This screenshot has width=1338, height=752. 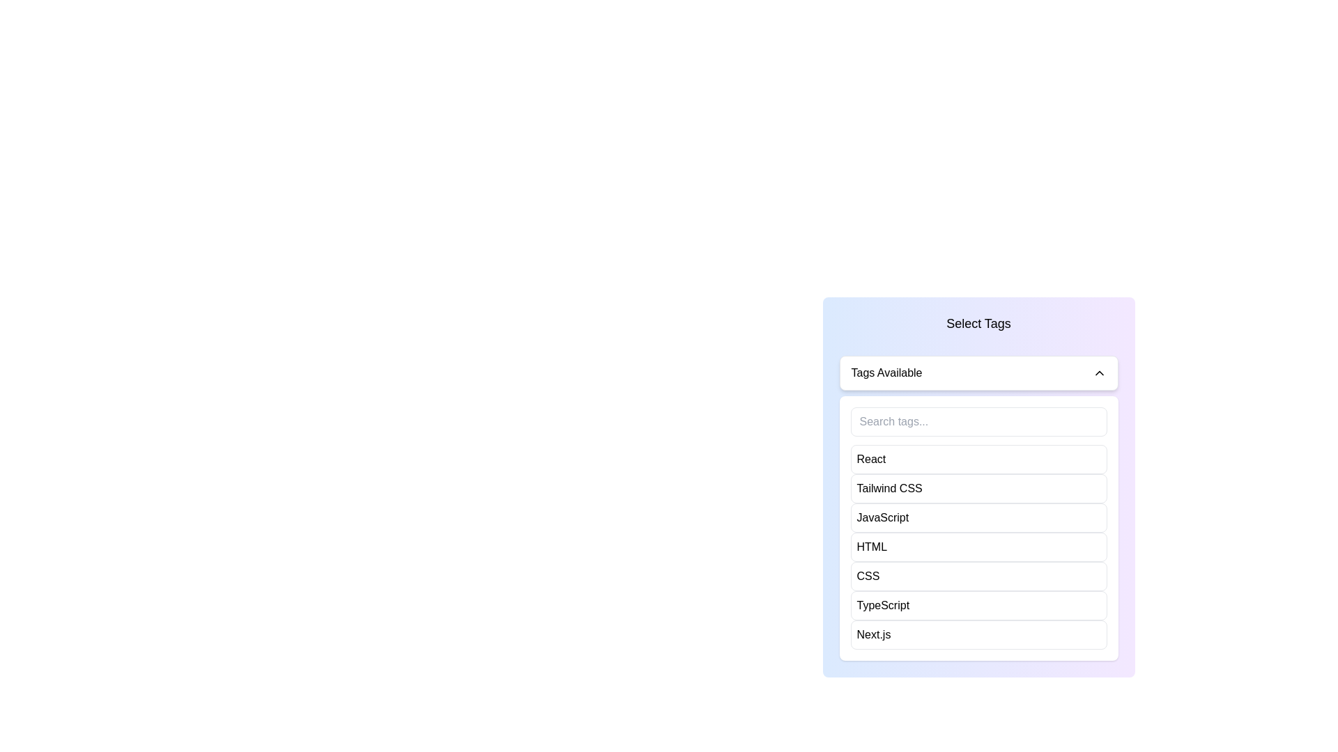 I want to click on the second list item labeled 'Tailwind CSS', so click(x=978, y=488).